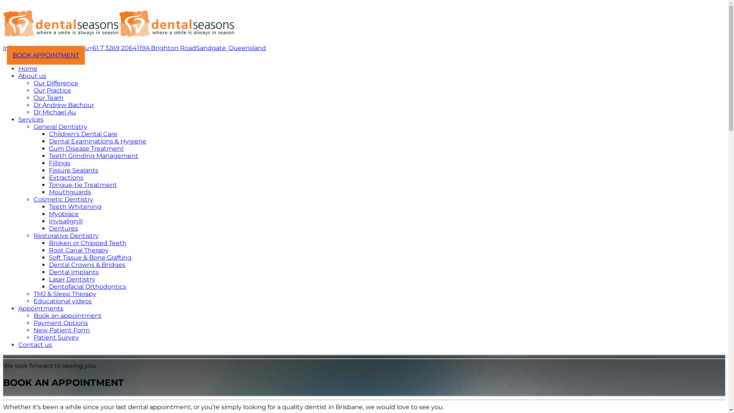 This screenshot has height=413, width=734. Describe the element at coordinates (40, 308) in the screenshot. I see `'Appointments'` at that location.